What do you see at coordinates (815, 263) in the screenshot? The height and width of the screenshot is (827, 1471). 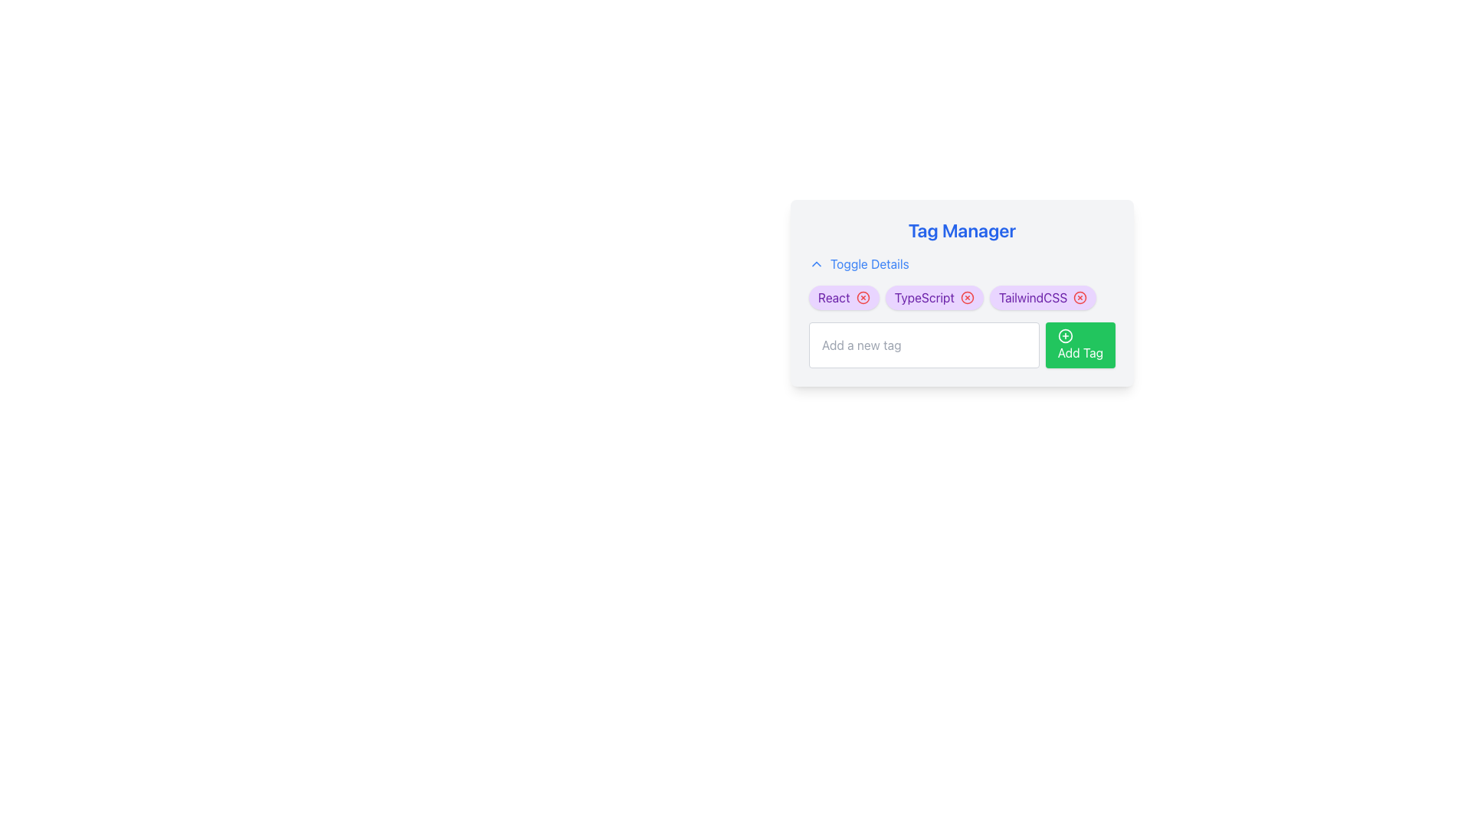 I see `the chevron icon located to the left of the 'Toggle Details' text label in the 'Tag Manager' section` at bounding box center [815, 263].